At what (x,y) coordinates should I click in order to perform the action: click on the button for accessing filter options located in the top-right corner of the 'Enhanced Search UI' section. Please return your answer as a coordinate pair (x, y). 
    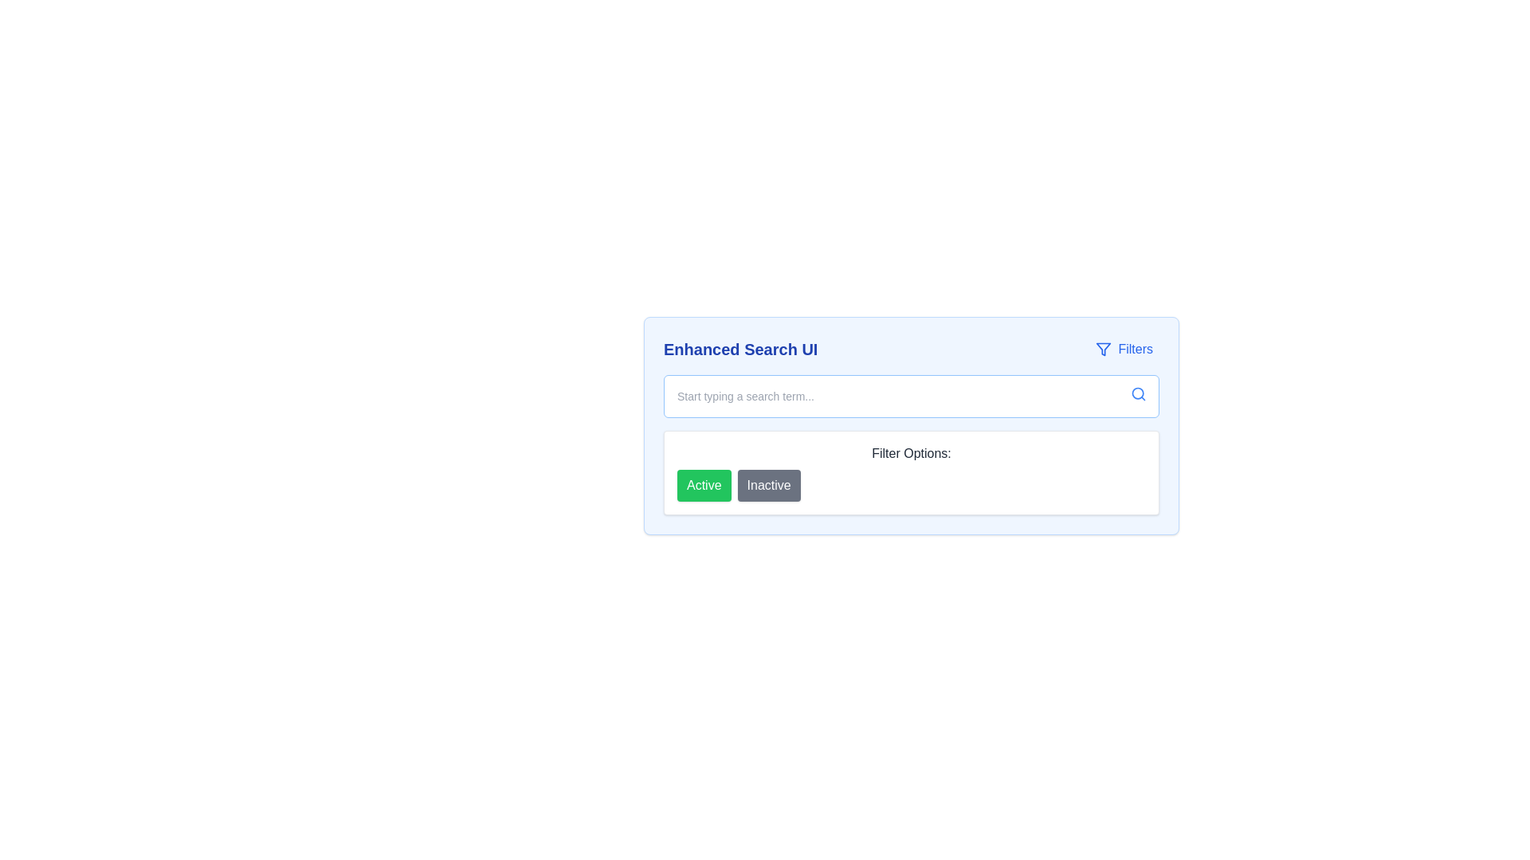
    Looking at the image, I should click on (1124, 349).